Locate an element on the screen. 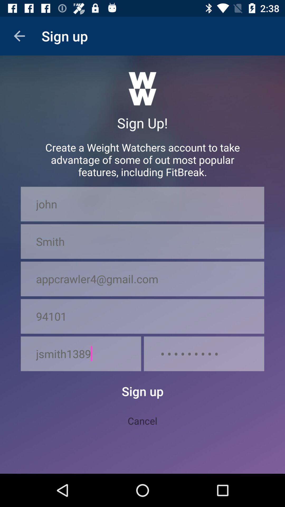  icon at the bottom right corner is located at coordinates (204, 354).